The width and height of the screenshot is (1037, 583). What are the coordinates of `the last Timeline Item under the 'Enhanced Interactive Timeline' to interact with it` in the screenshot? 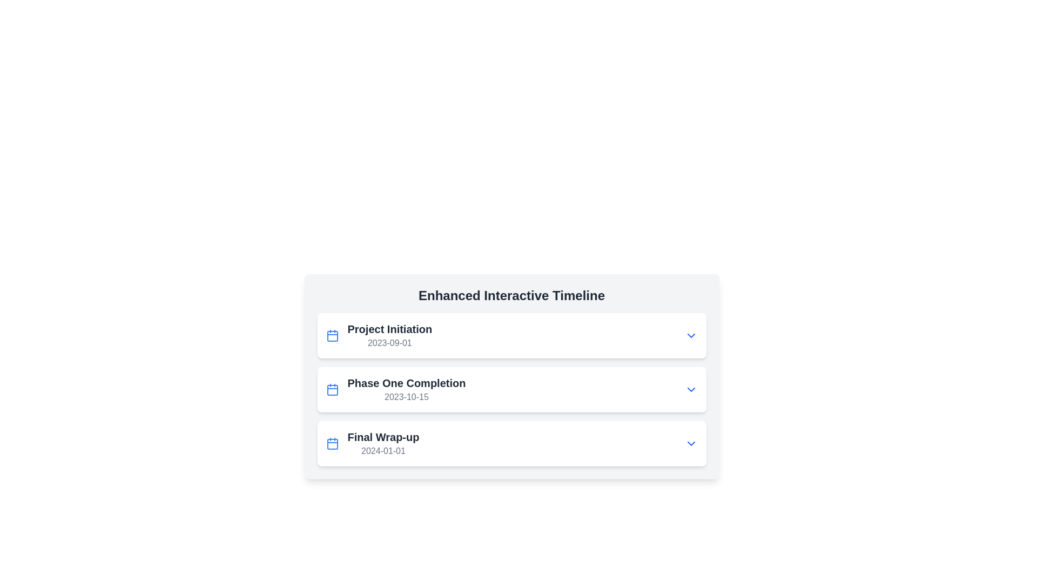 It's located at (373, 443).